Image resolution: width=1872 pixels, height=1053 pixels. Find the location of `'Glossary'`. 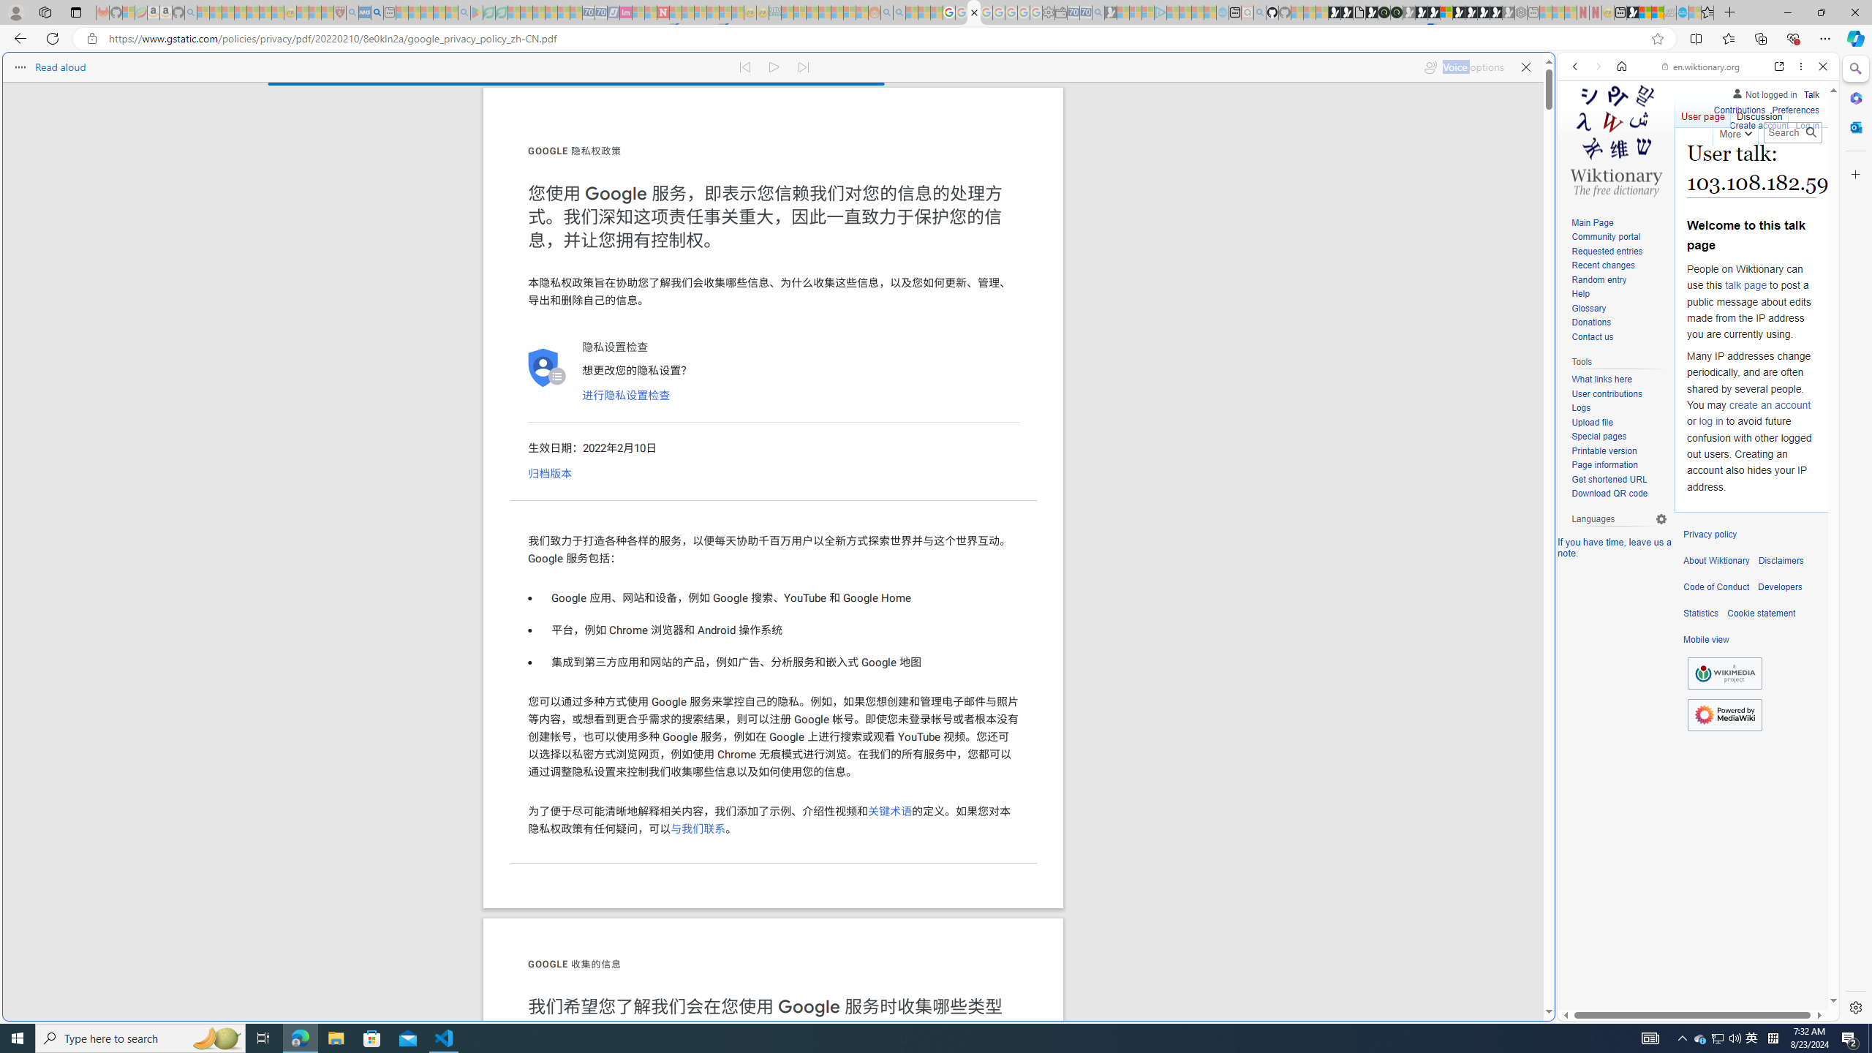

'Glossary' is located at coordinates (1588, 308).